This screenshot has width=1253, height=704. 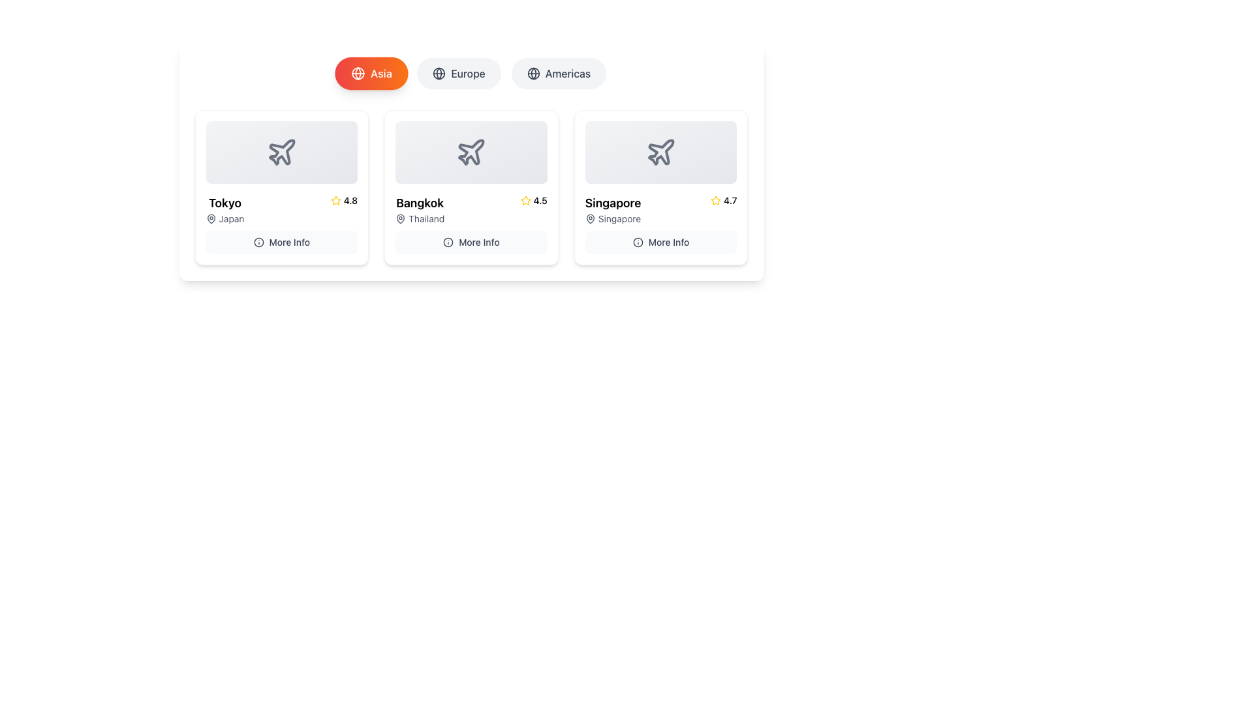 What do you see at coordinates (281, 209) in the screenshot?
I see `the Informational Block that displays the city name, country, and rating, located in the first column under the 'Asia' tab, positioned above the 'More Info' button` at bounding box center [281, 209].